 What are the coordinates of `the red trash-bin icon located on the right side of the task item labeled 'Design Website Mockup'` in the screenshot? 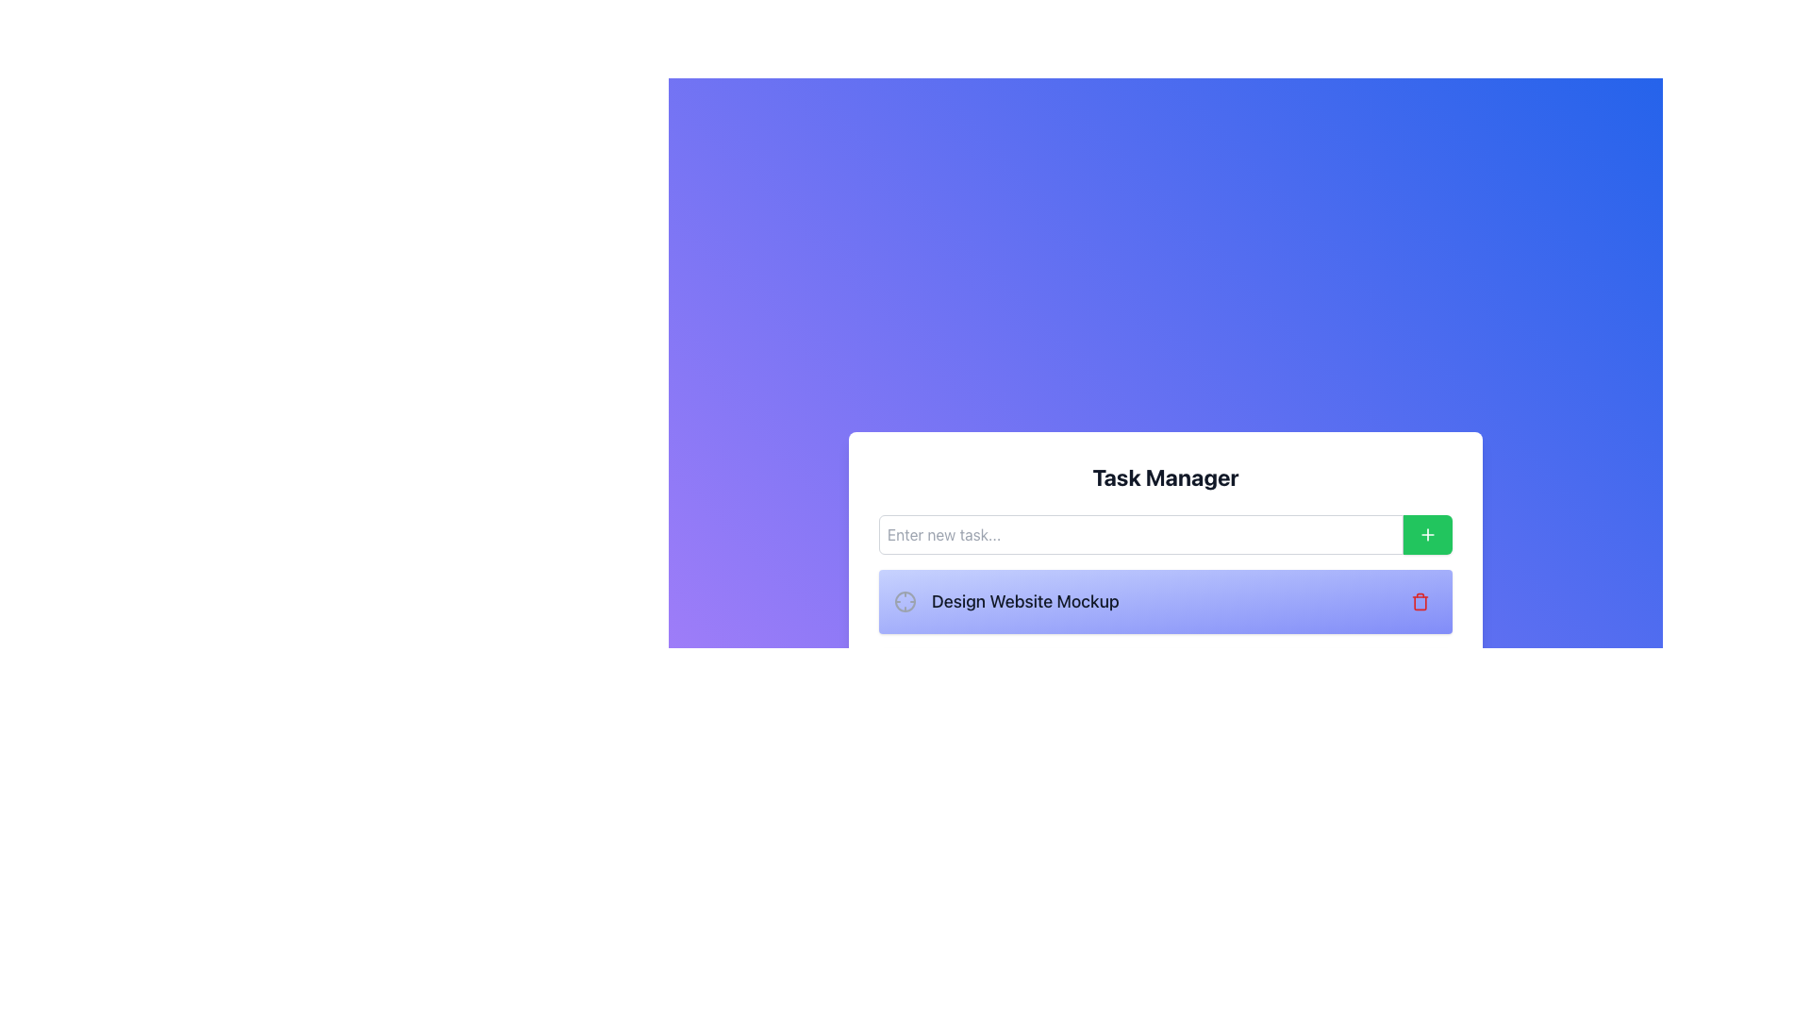 It's located at (1421, 601).